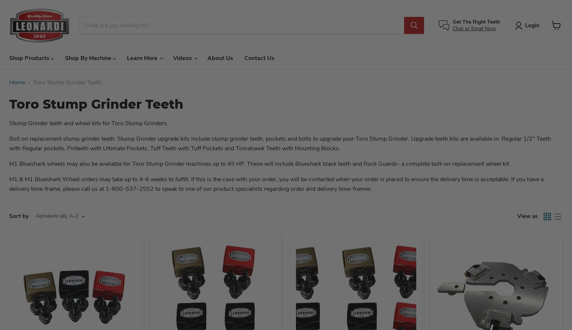 This screenshot has height=330, width=572. What do you see at coordinates (280, 143) in the screenshot?
I see `'Stump Grinder. Upgrade teeth kits are available in: Regular 1/2" Teeth with Regular pockets, Pinteeth with Ultimate Pockets, Tuff Teeth with Tuff Pockets and Tomahawk Teeth with Mounting Blocks.'` at bounding box center [280, 143].